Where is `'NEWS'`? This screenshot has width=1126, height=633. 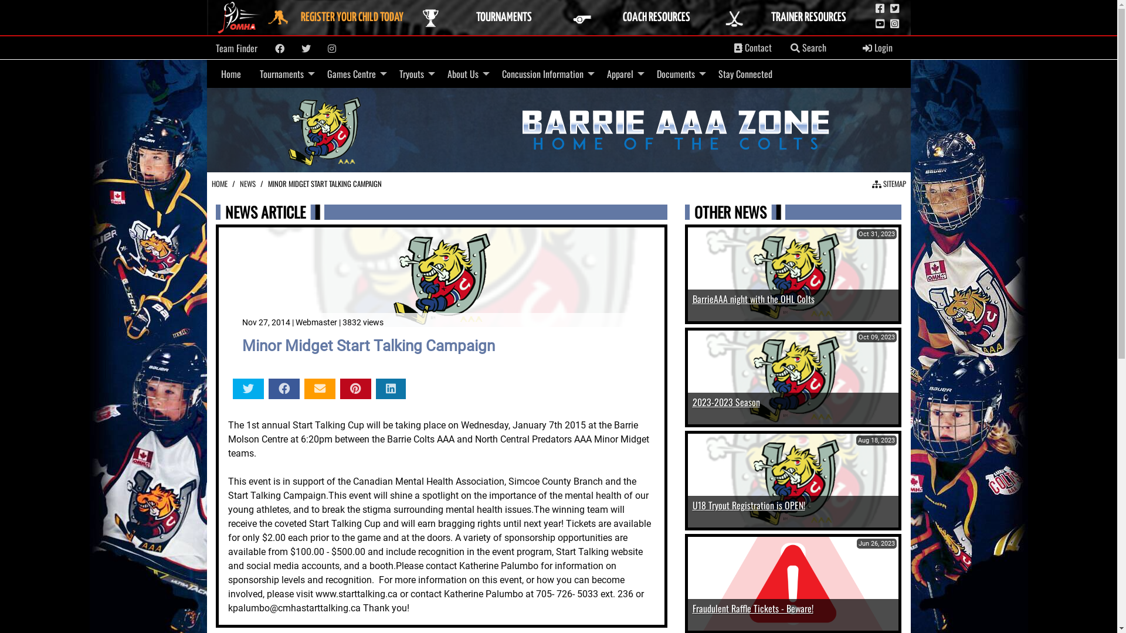
'NEWS' is located at coordinates (246, 183).